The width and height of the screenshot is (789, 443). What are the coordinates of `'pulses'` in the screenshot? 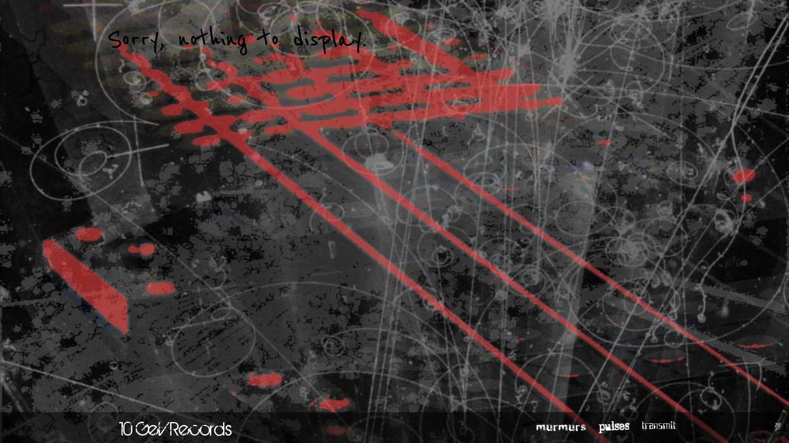 It's located at (614, 426).